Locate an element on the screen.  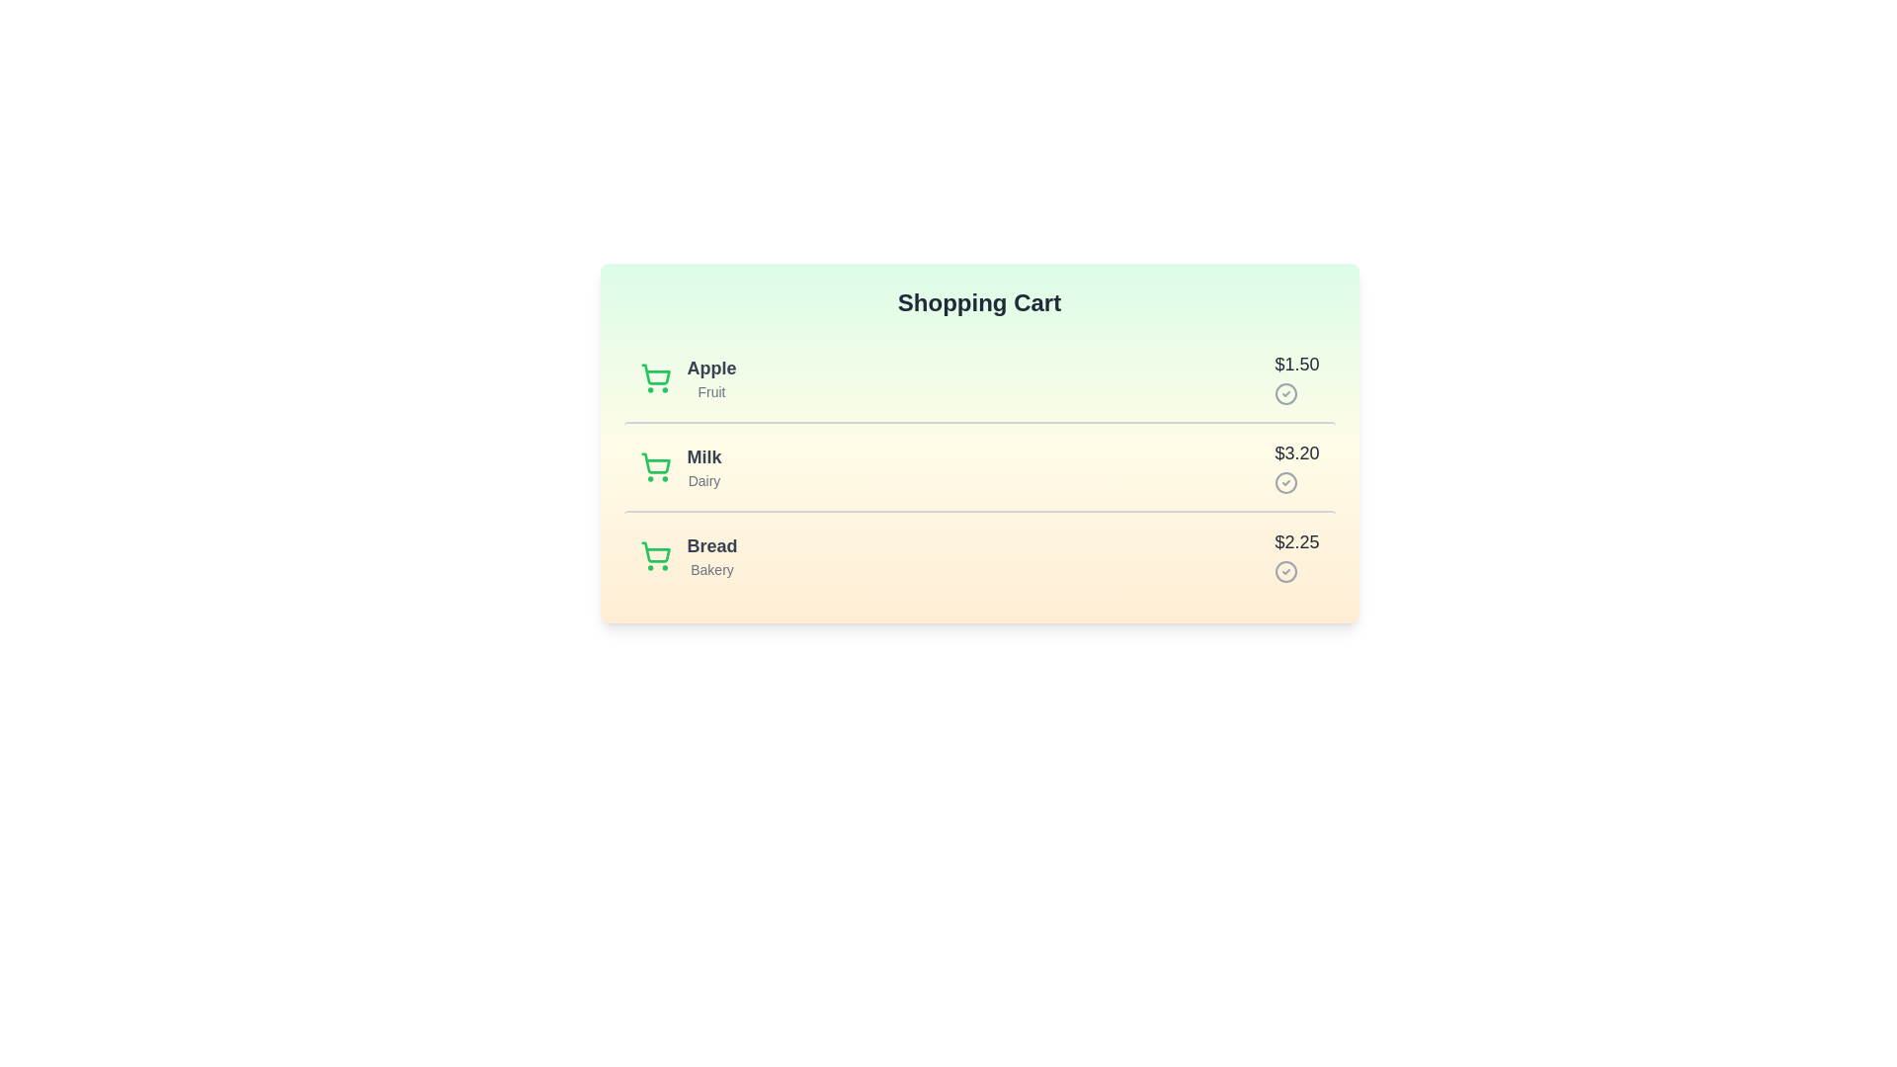
the check circle icon for Bread to mark it as selected or completed is located at coordinates (1286, 571).